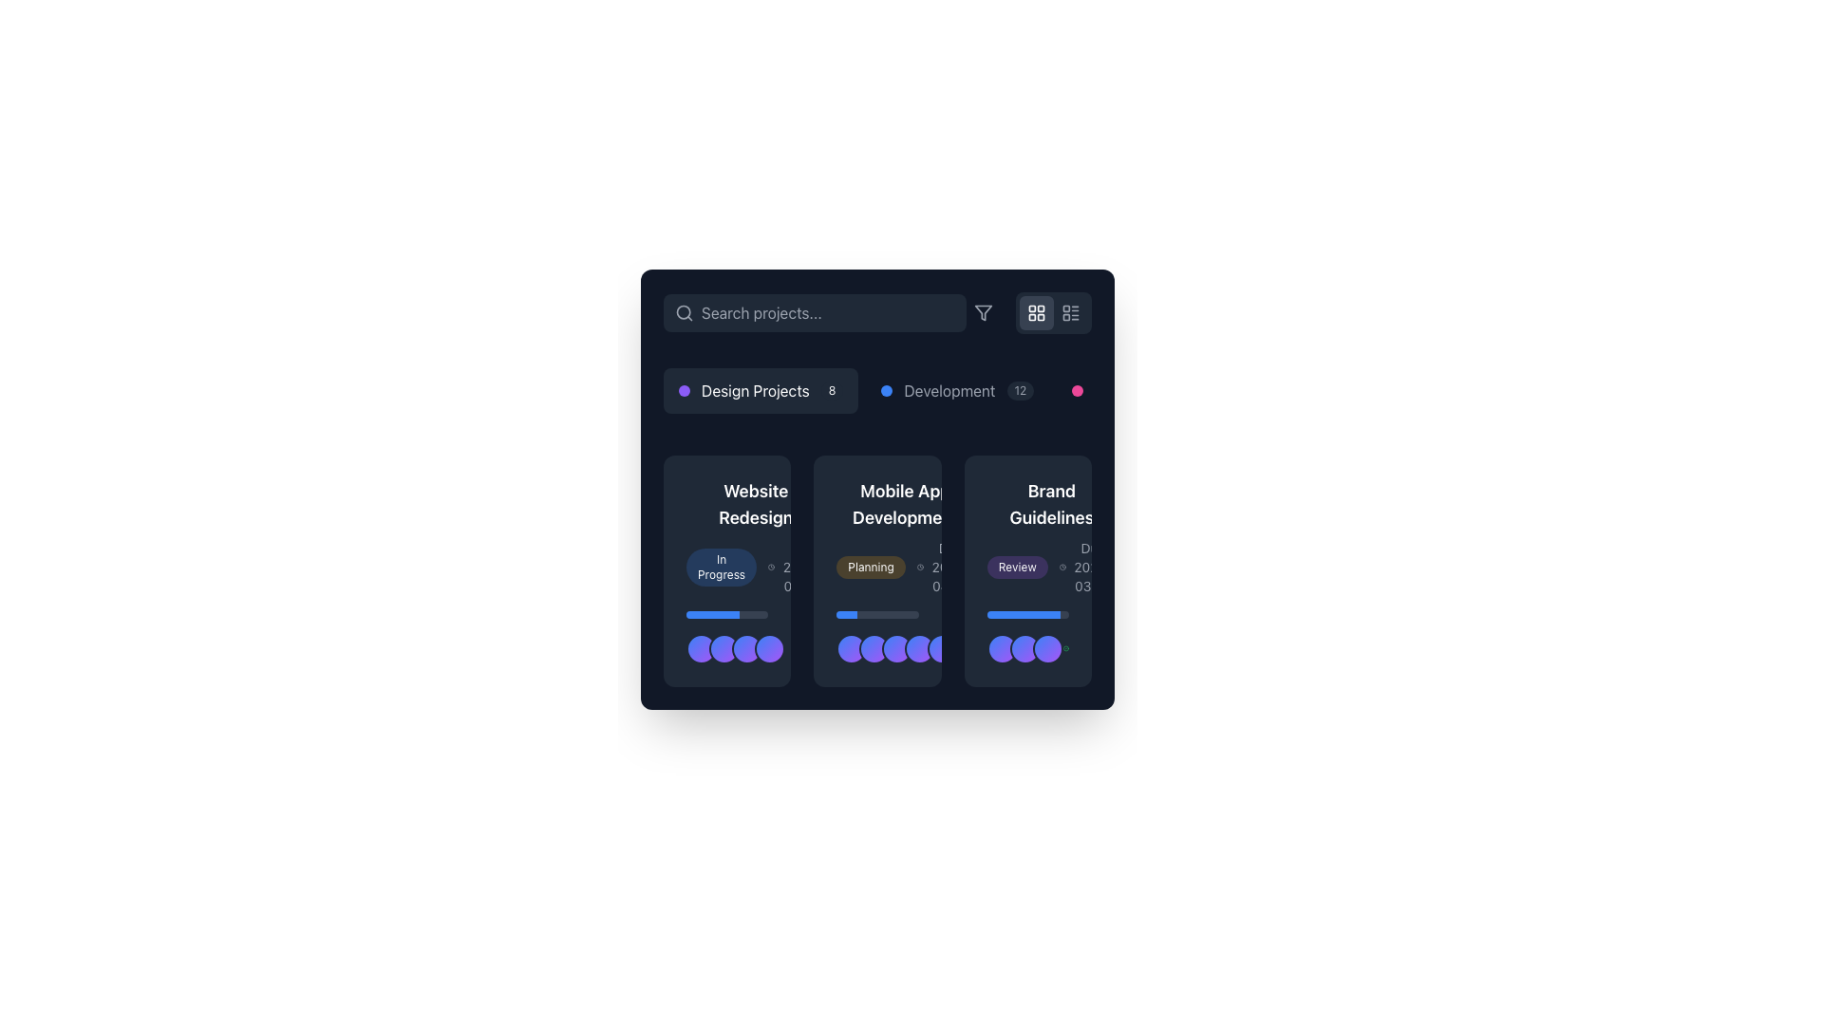 The height and width of the screenshot is (1025, 1823). What do you see at coordinates (726, 647) in the screenshot?
I see `the third avatar` at bounding box center [726, 647].